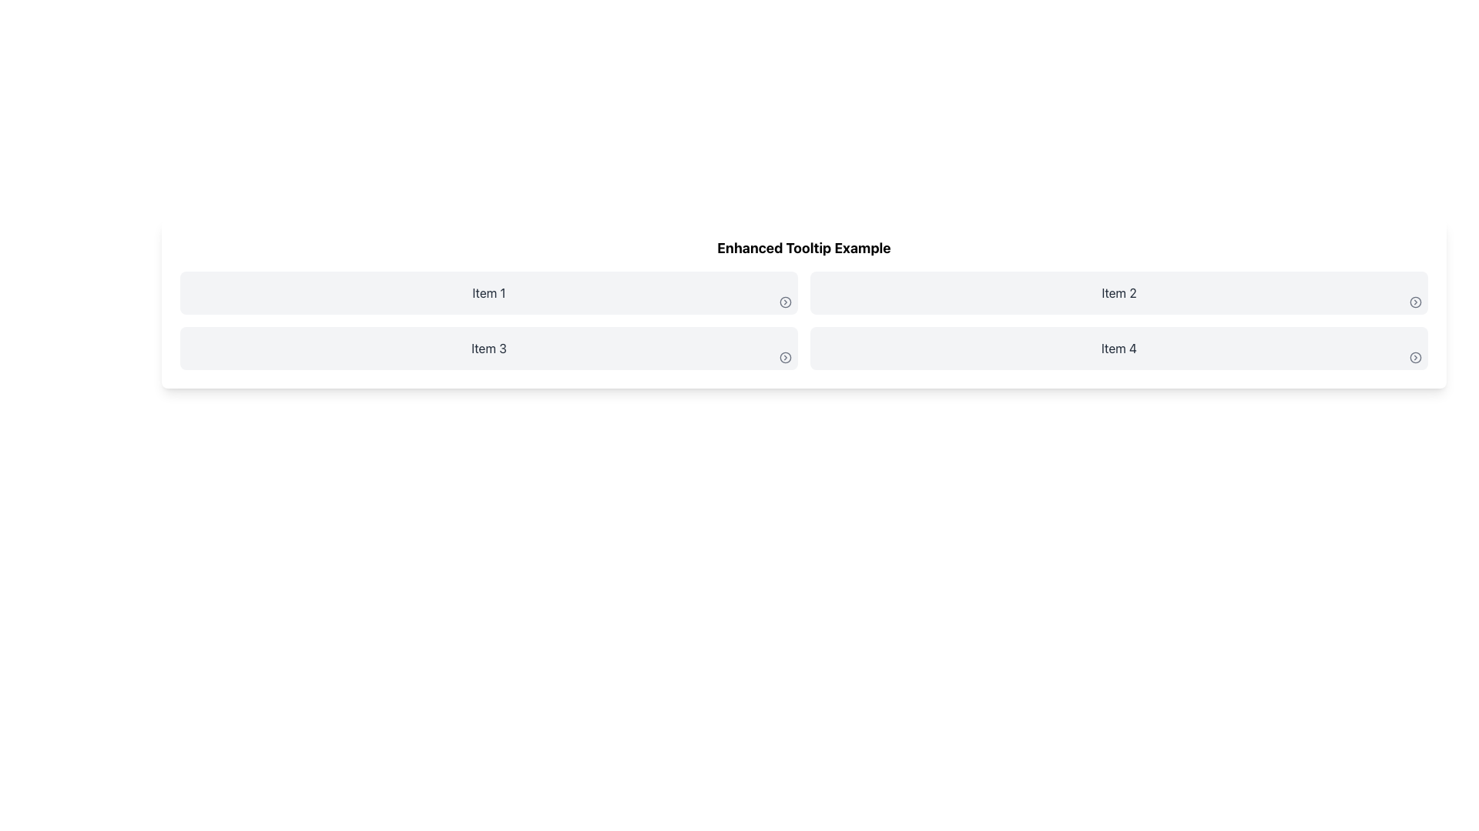 This screenshot has height=831, width=1479. Describe the element at coordinates (488, 348) in the screenshot. I see `the text label 'Item 3' which is displayed in dark gray color within a light gray rounded rectangle box, located in the third row of the layout and aligned with similar elements` at that location.